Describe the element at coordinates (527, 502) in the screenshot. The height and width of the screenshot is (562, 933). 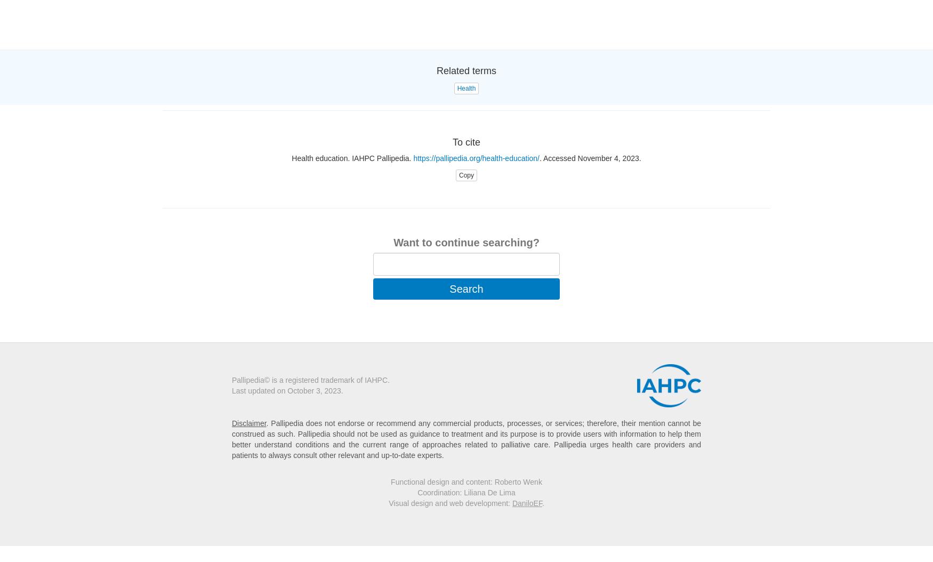
I see `'DaniloEF'` at that location.